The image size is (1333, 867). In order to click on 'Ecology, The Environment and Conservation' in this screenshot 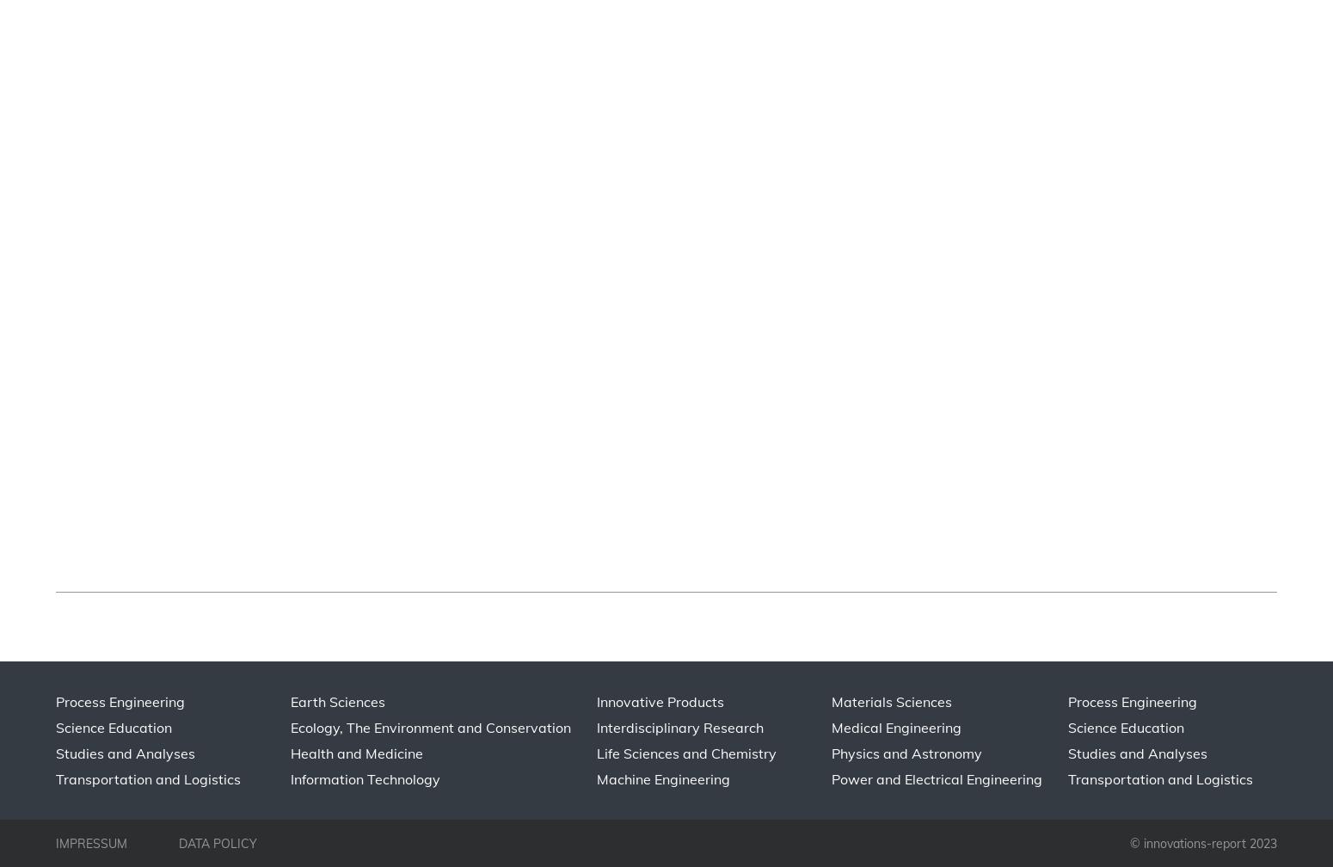, I will do `click(290, 728)`.